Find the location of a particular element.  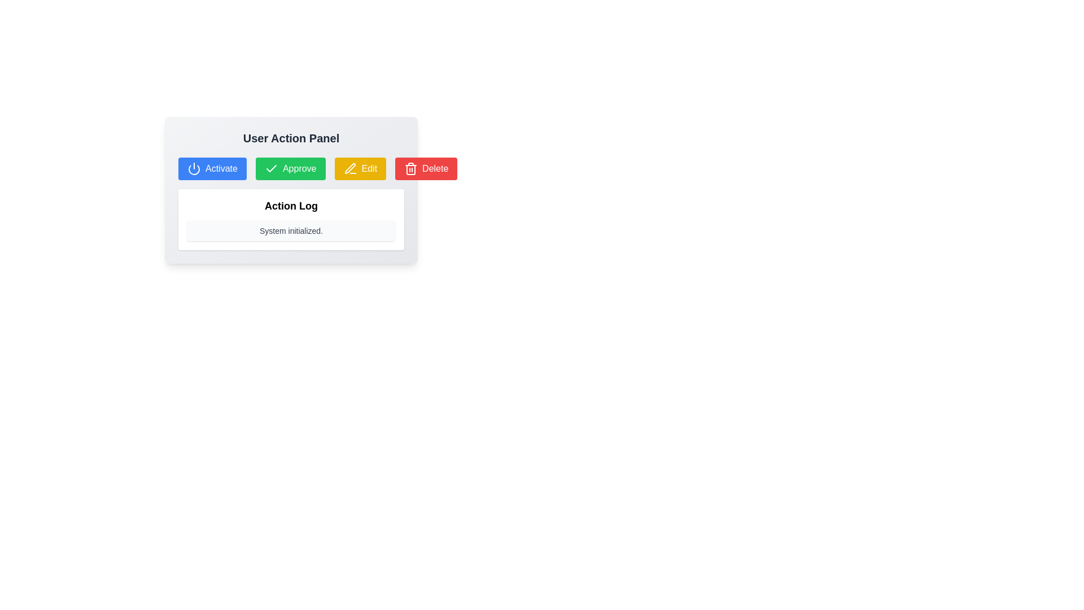

the checkmark icon with a green background located inside the 'Approve' button in the 'User Action Panel' is located at coordinates (271, 169).